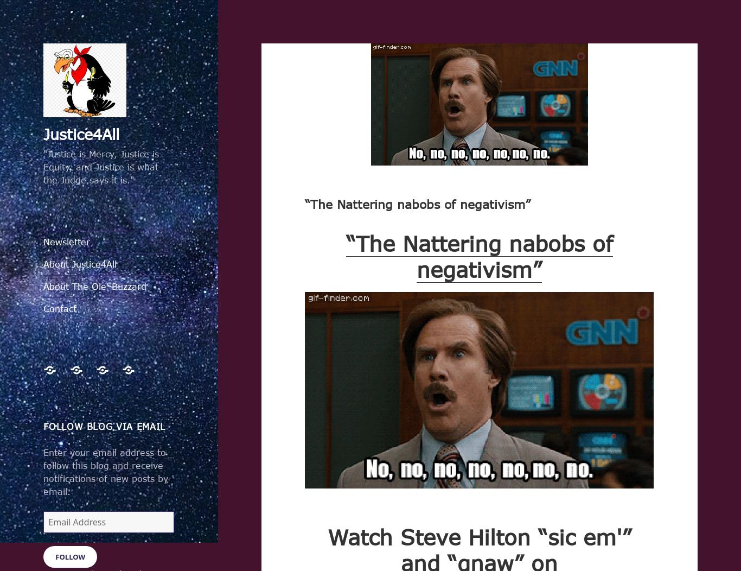  What do you see at coordinates (43, 134) in the screenshot?
I see `'Justice4All'` at bounding box center [43, 134].